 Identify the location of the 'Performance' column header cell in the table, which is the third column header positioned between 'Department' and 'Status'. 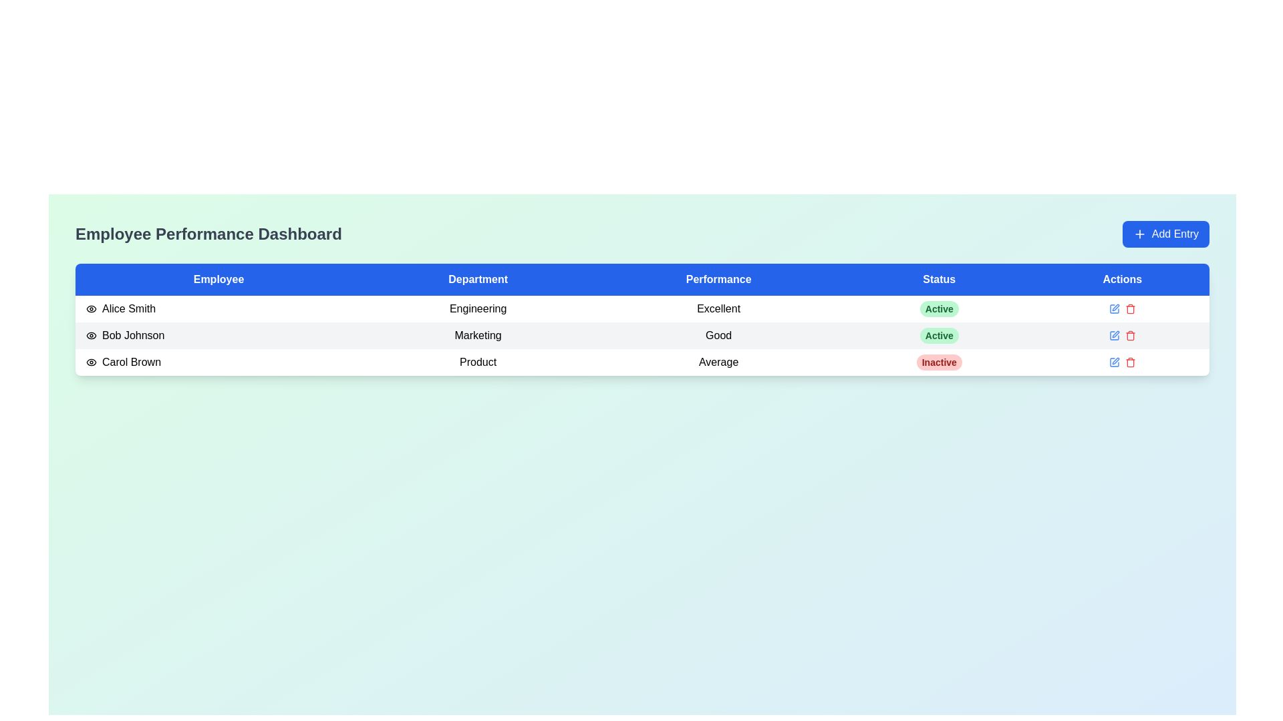
(718, 279).